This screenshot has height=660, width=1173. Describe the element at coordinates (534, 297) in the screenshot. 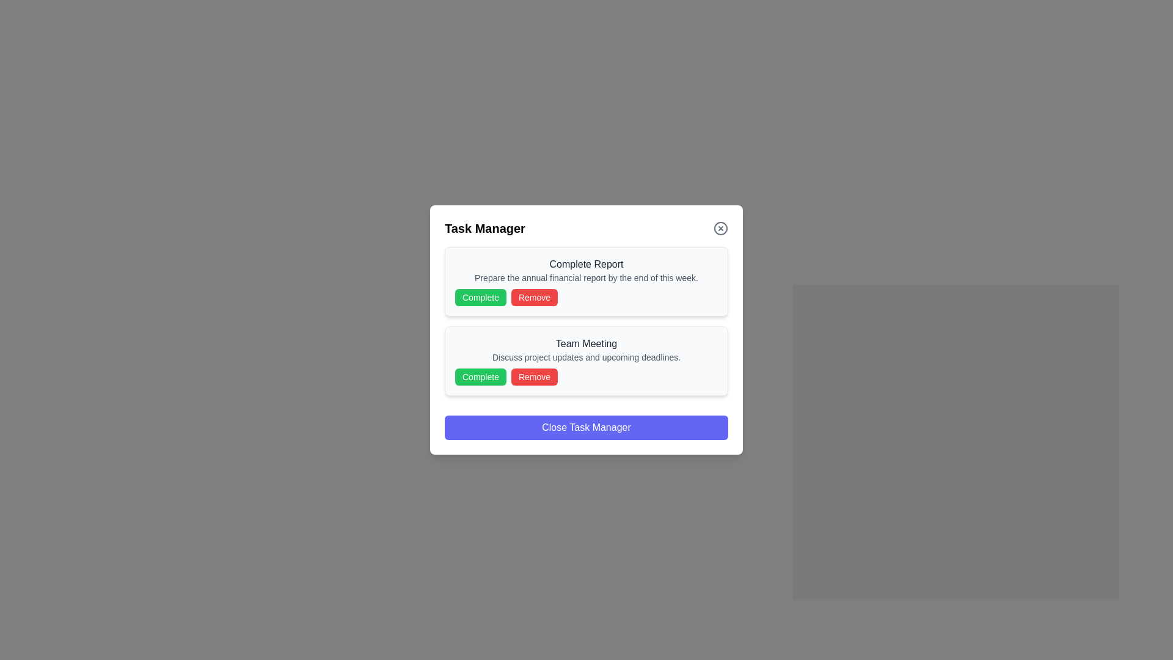

I see `the 'Remove' button located in the top card below the 'Task Manager' heading, which is aligned to the right of the 'Complete' button` at that location.